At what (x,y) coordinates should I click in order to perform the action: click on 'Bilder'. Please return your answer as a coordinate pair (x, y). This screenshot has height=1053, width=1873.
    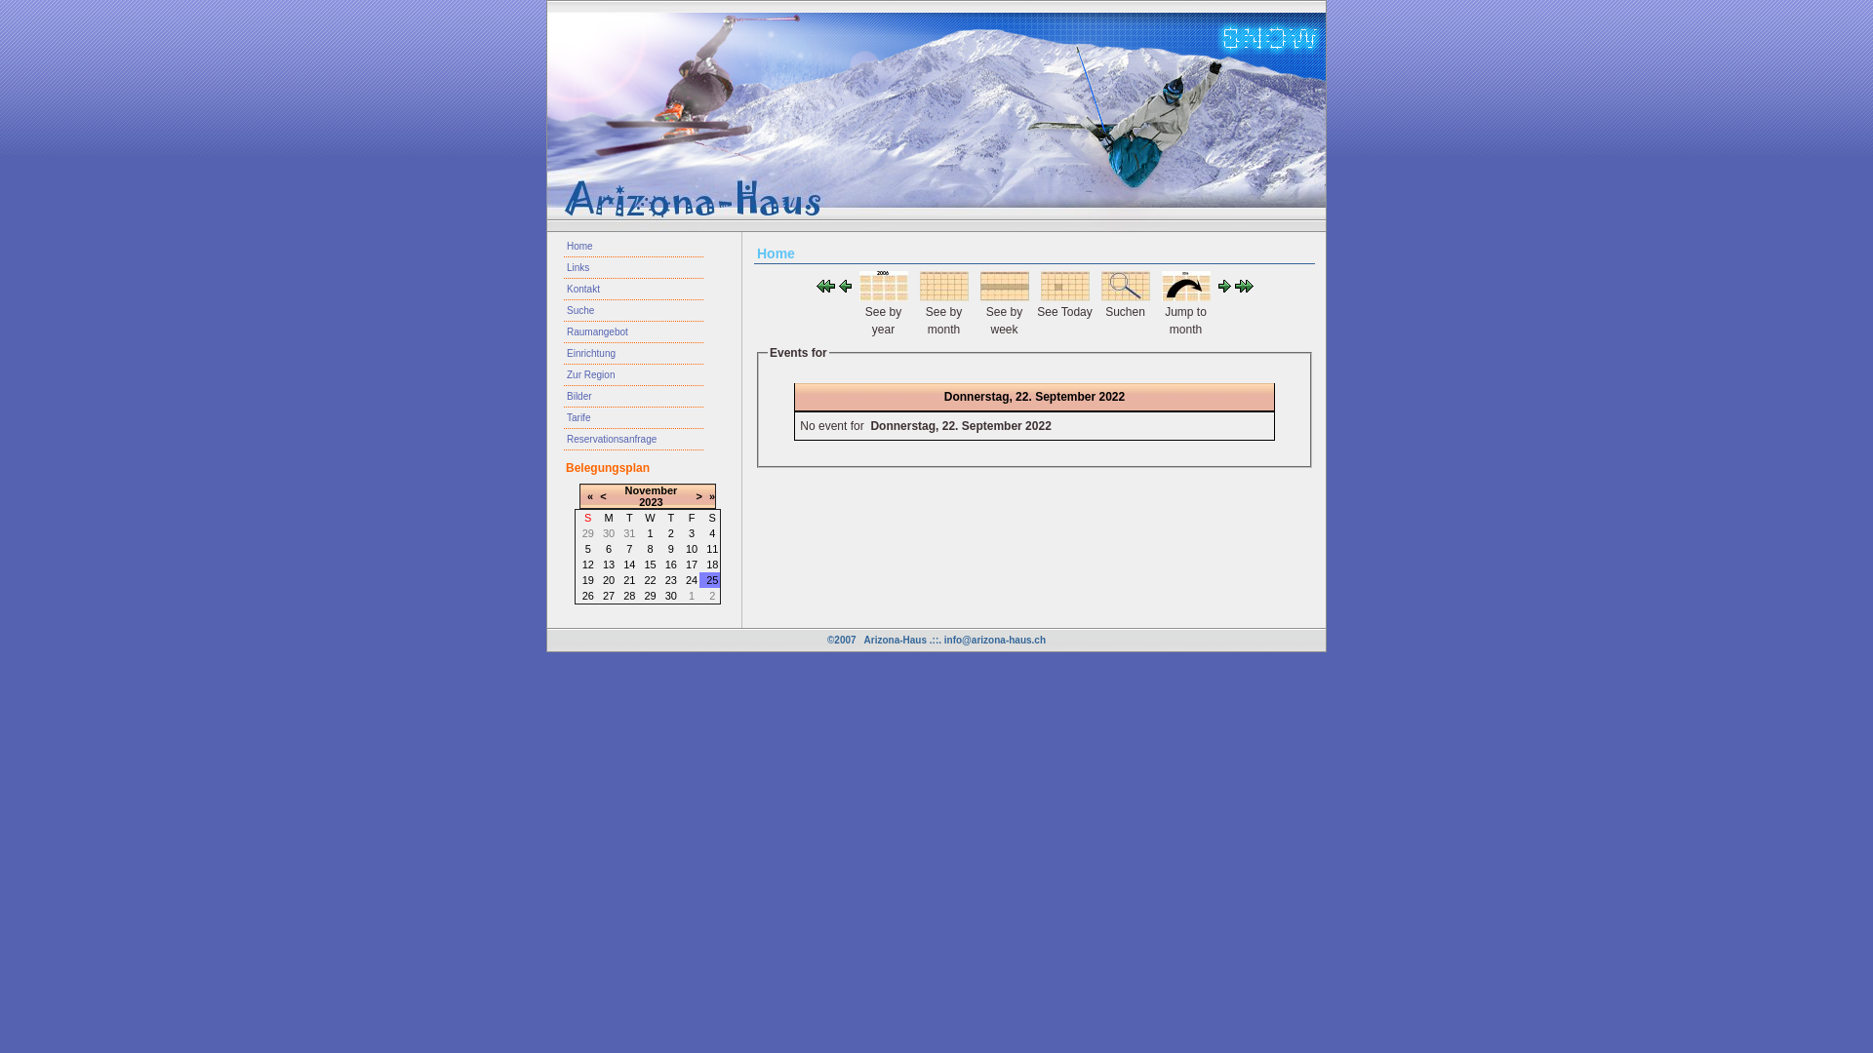
    Looking at the image, I should click on (633, 396).